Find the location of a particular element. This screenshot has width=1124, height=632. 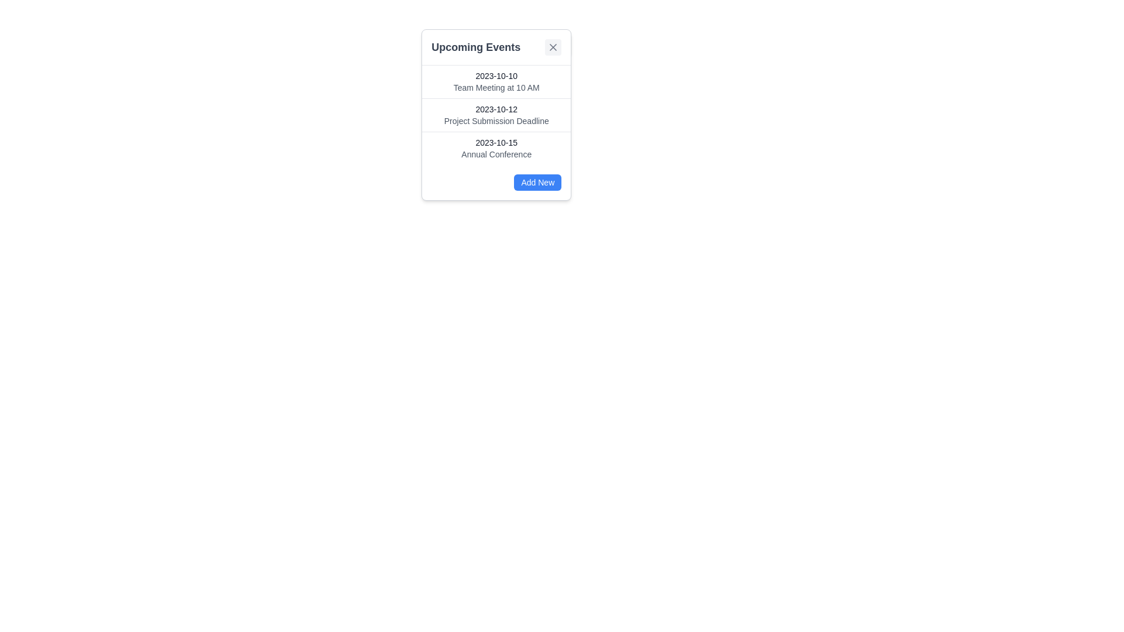

the 'X' icon located in the top-right corner of the 'Upcoming Events' card, which is represented by two intersecting lines in a neutral color is located at coordinates (553, 47).